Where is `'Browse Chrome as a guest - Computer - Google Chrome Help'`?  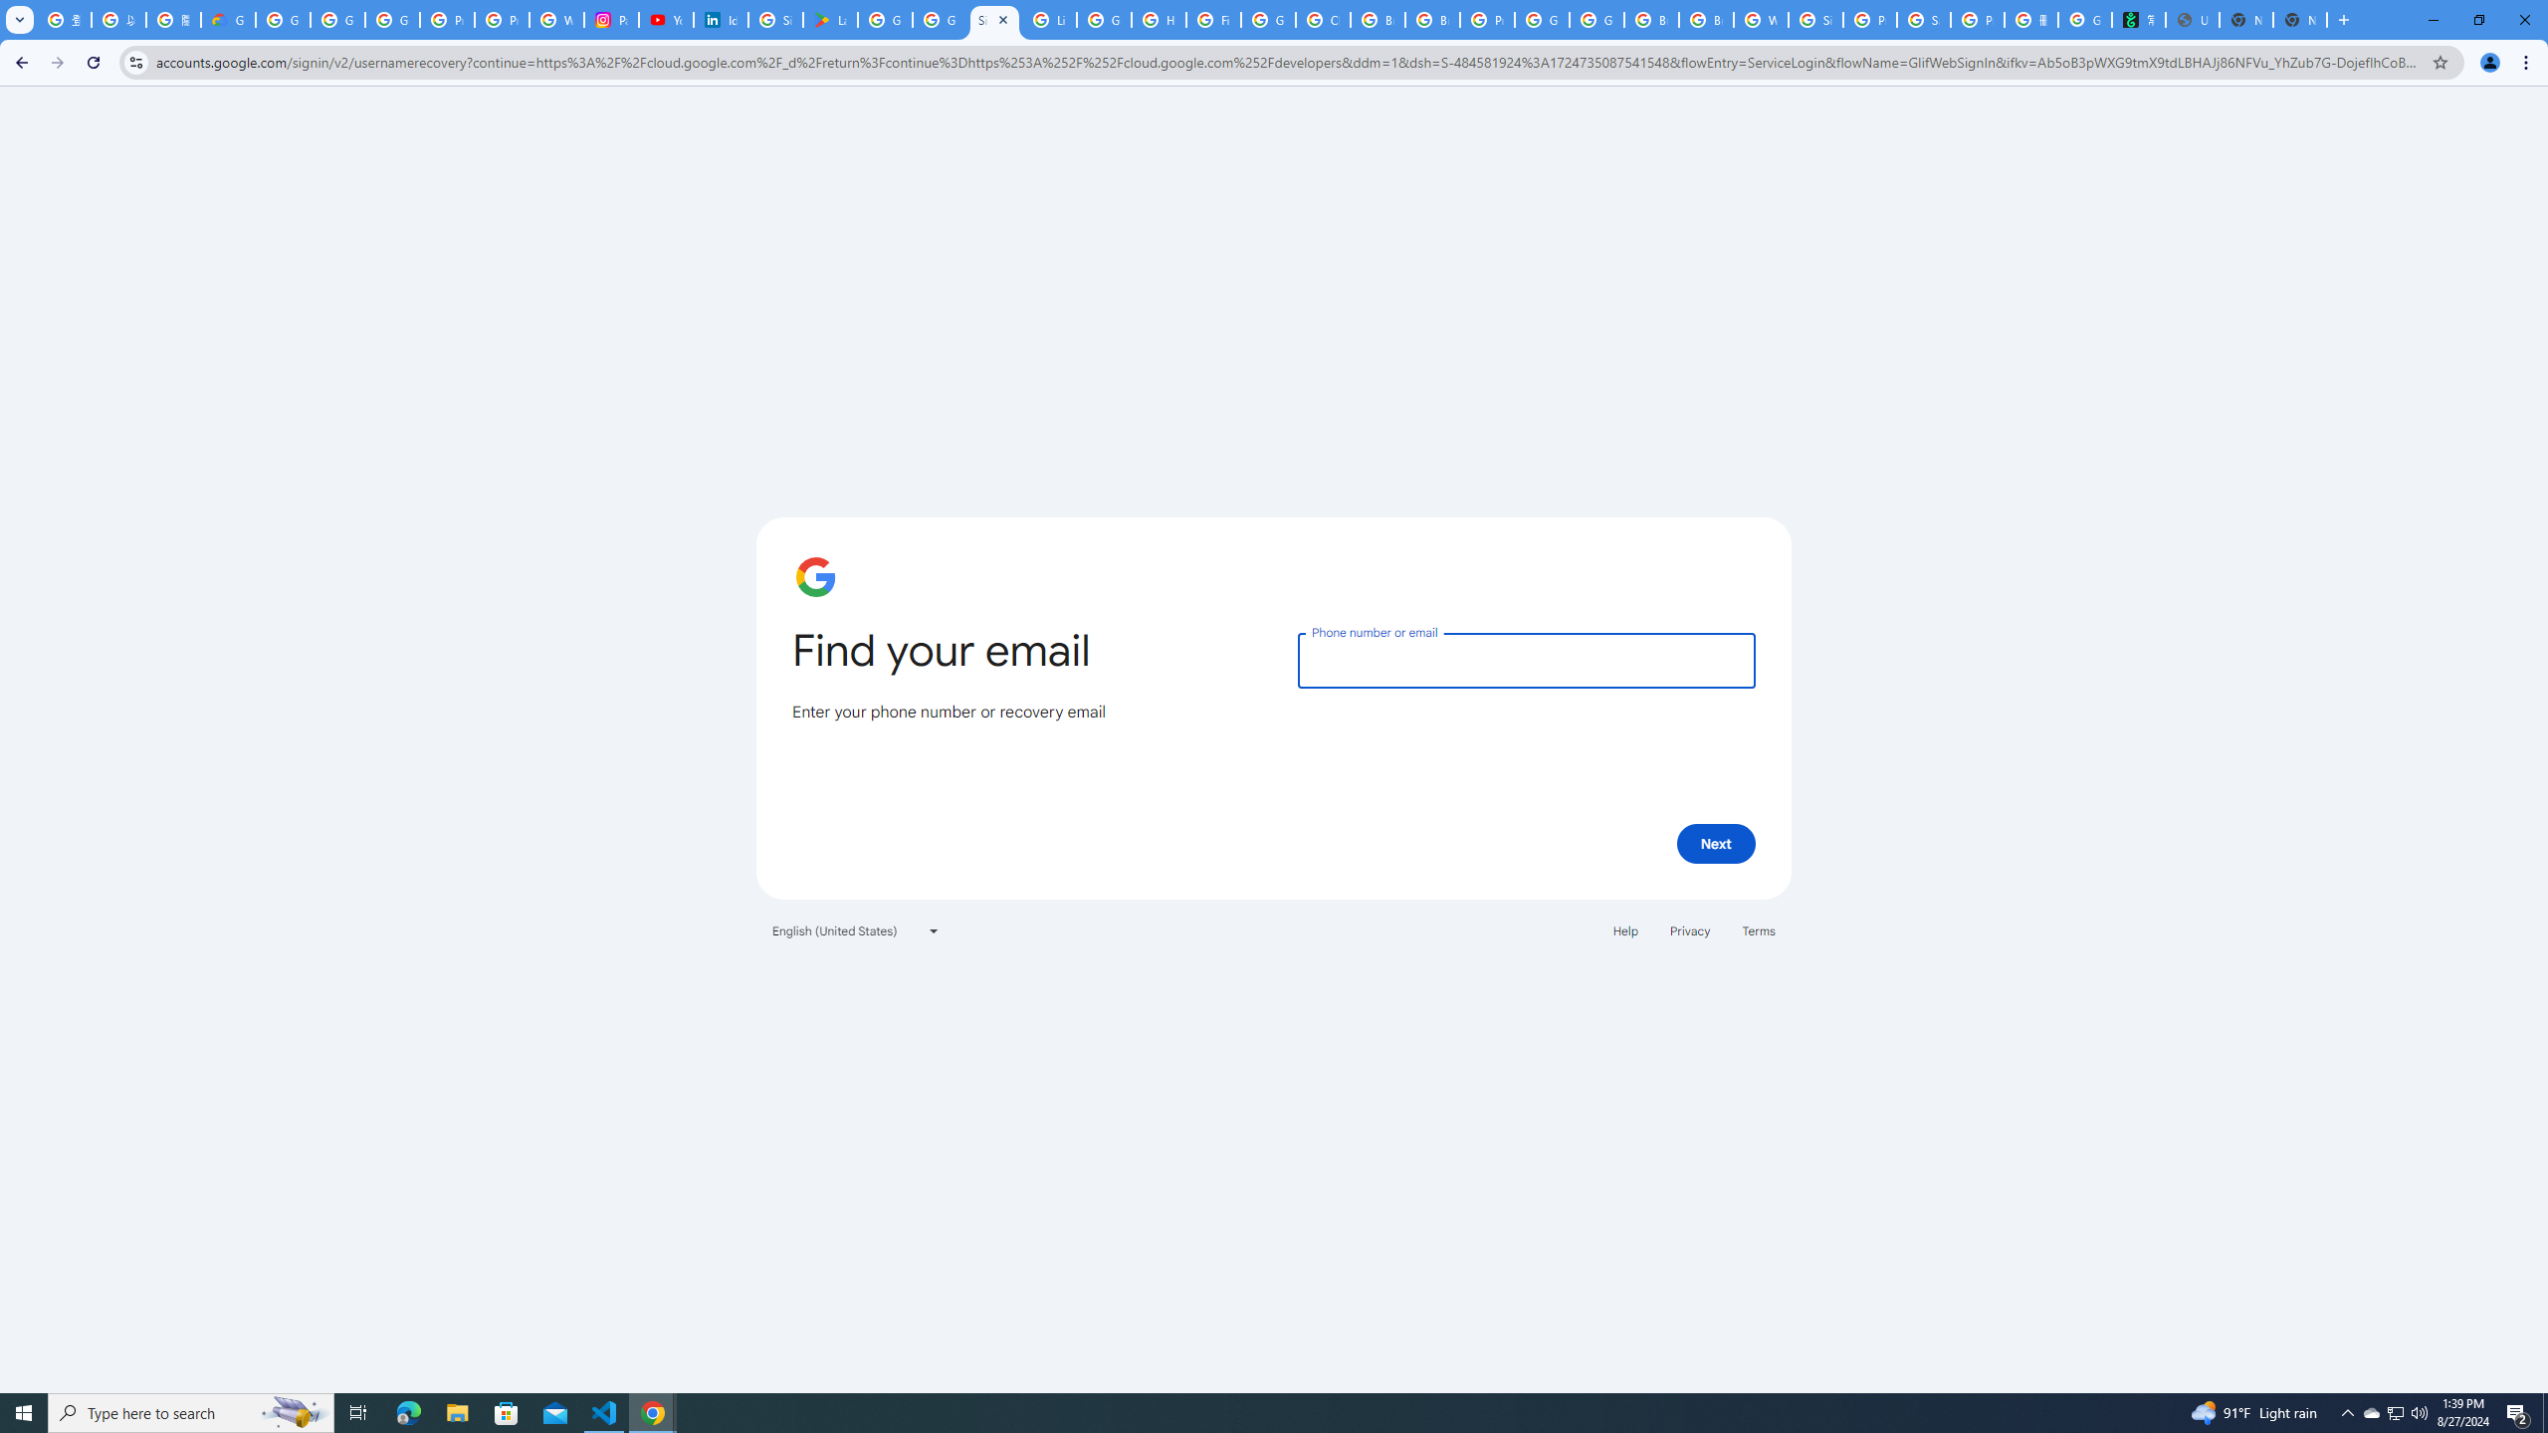 'Browse Chrome as a guest - Computer - Google Chrome Help' is located at coordinates (1377, 19).